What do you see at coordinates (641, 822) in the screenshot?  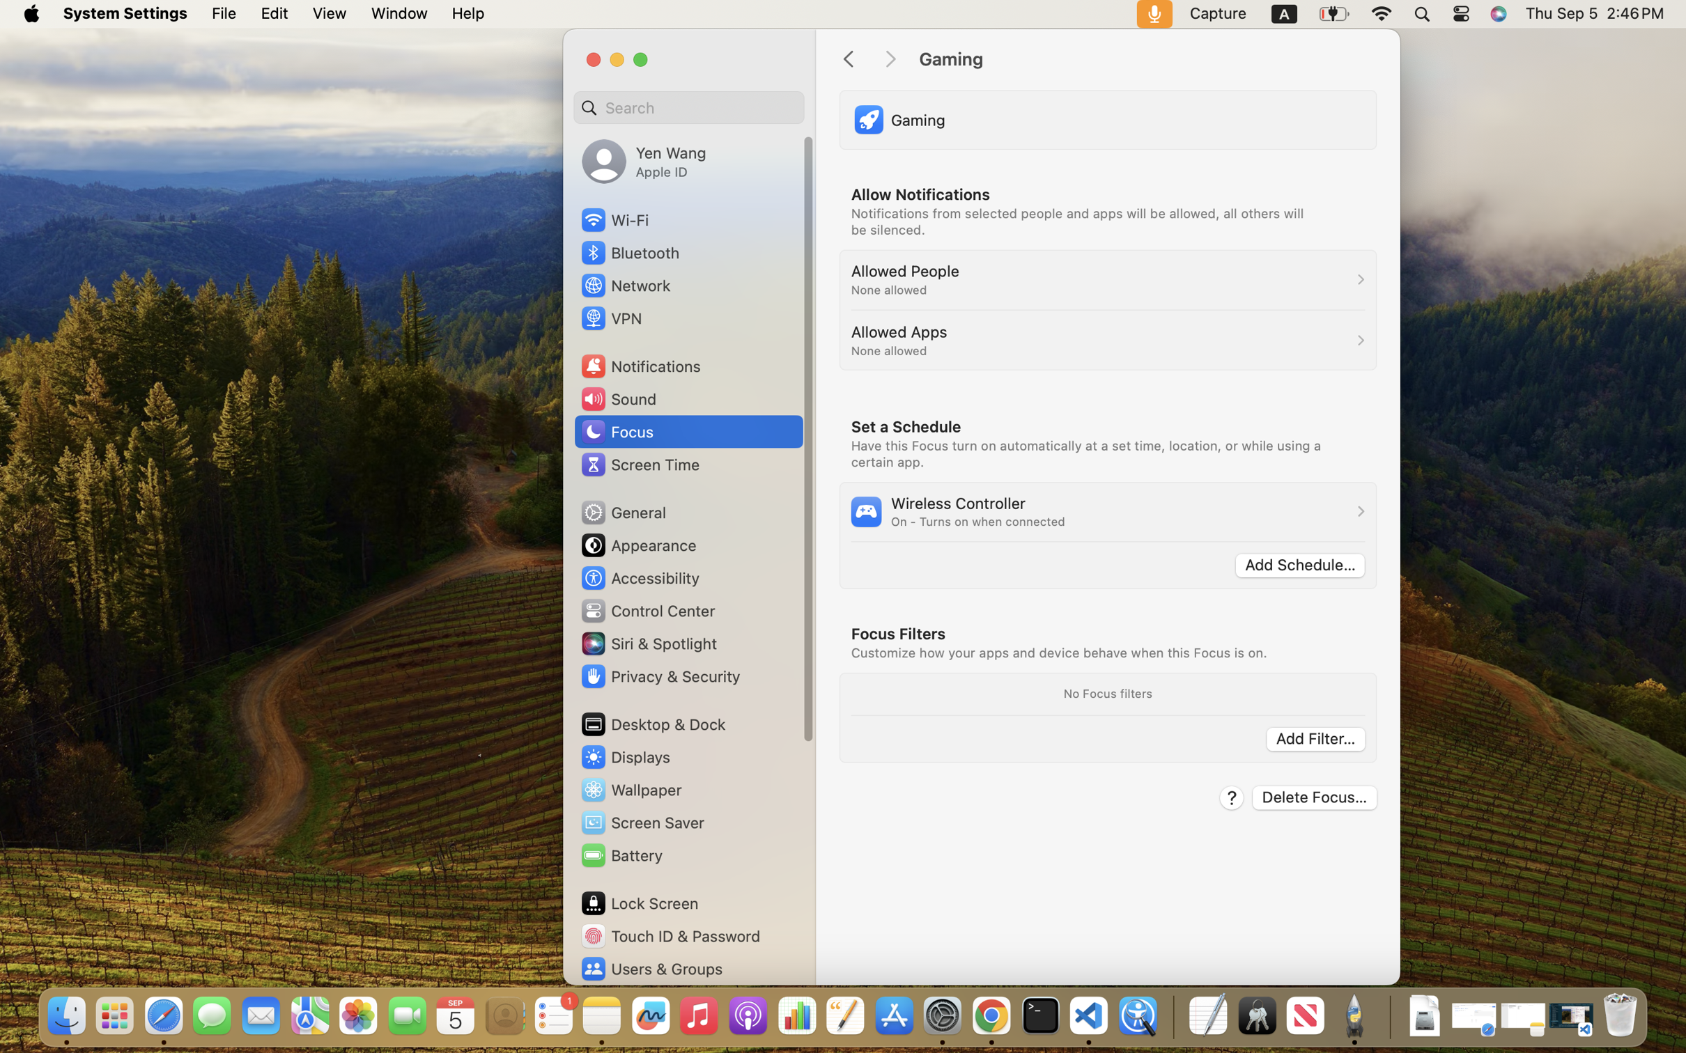 I see `'Screen Saver'` at bounding box center [641, 822].